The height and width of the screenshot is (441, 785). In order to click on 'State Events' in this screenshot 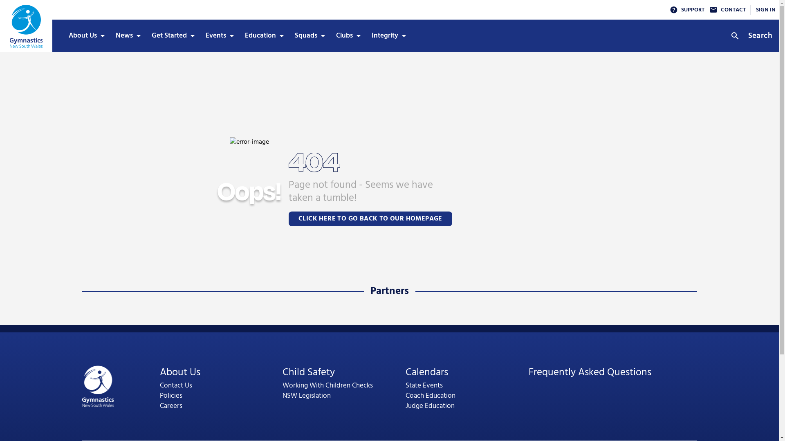, I will do `click(424, 385)`.